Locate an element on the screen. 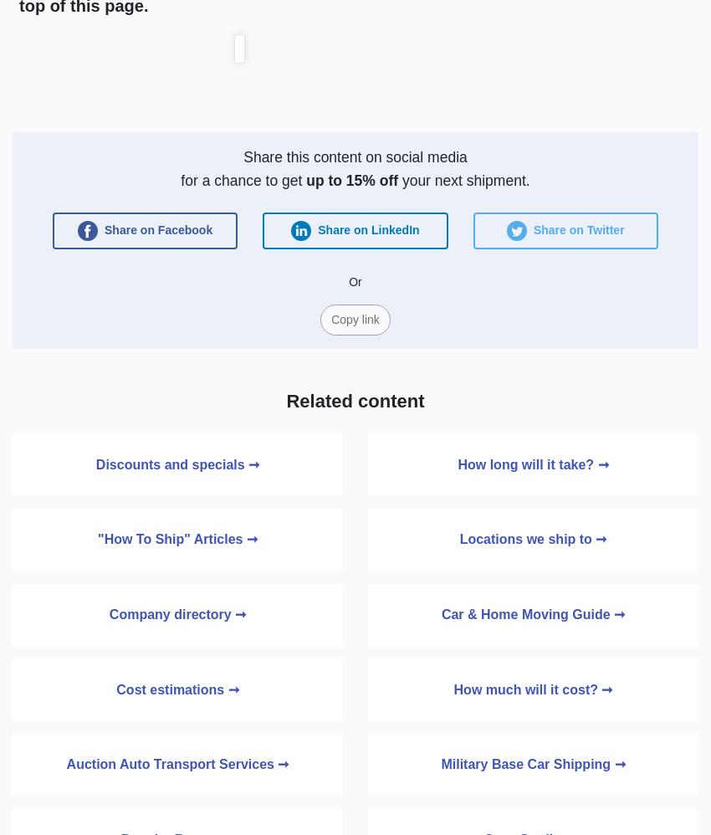 The width and height of the screenshot is (711, 835). 'Military Base Car Shipping ➞' is located at coordinates (531, 764).